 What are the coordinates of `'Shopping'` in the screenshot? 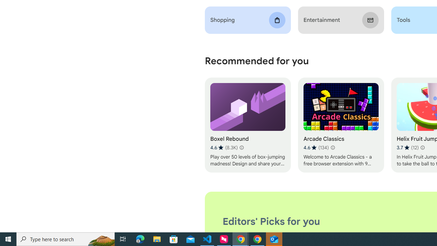 It's located at (247, 20).